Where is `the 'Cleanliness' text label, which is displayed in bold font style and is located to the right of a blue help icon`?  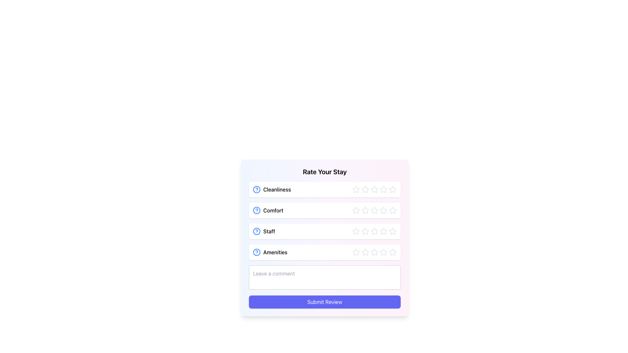 the 'Cleanliness' text label, which is displayed in bold font style and is located to the right of a blue help icon is located at coordinates (272, 189).